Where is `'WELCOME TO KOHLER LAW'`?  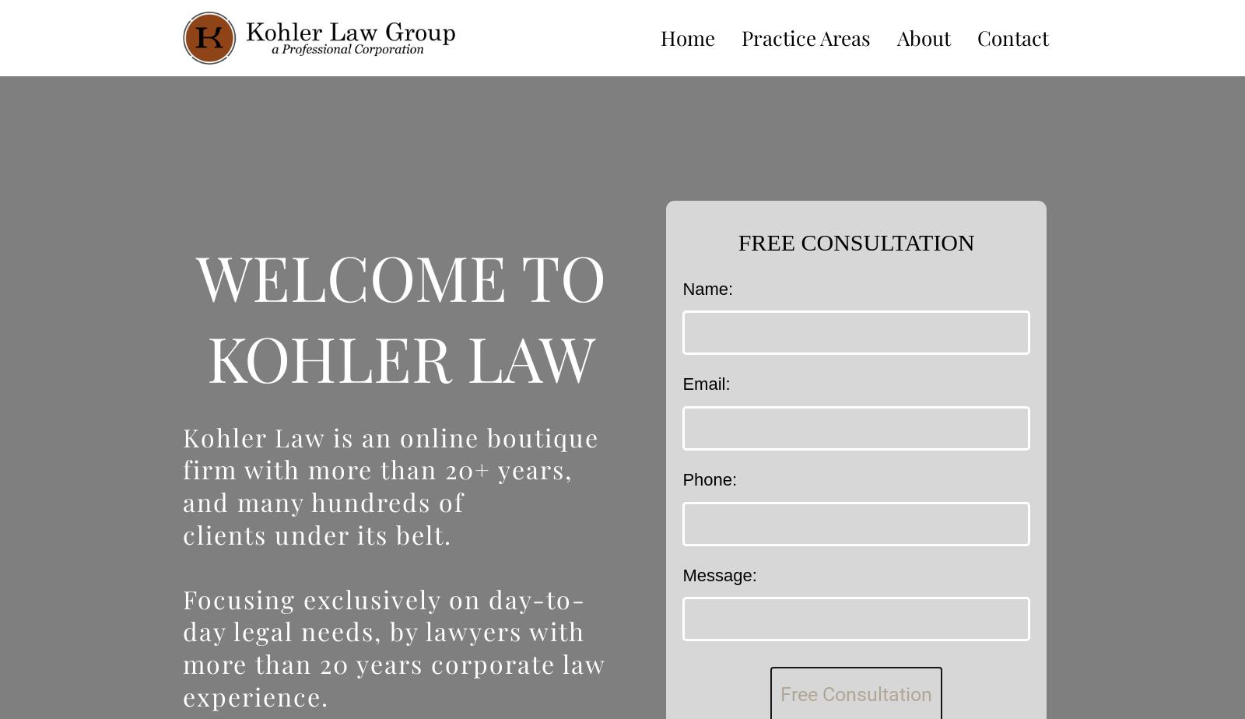
'WELCOME TO KOHLER LAW' is located at coordinates (196, 315).